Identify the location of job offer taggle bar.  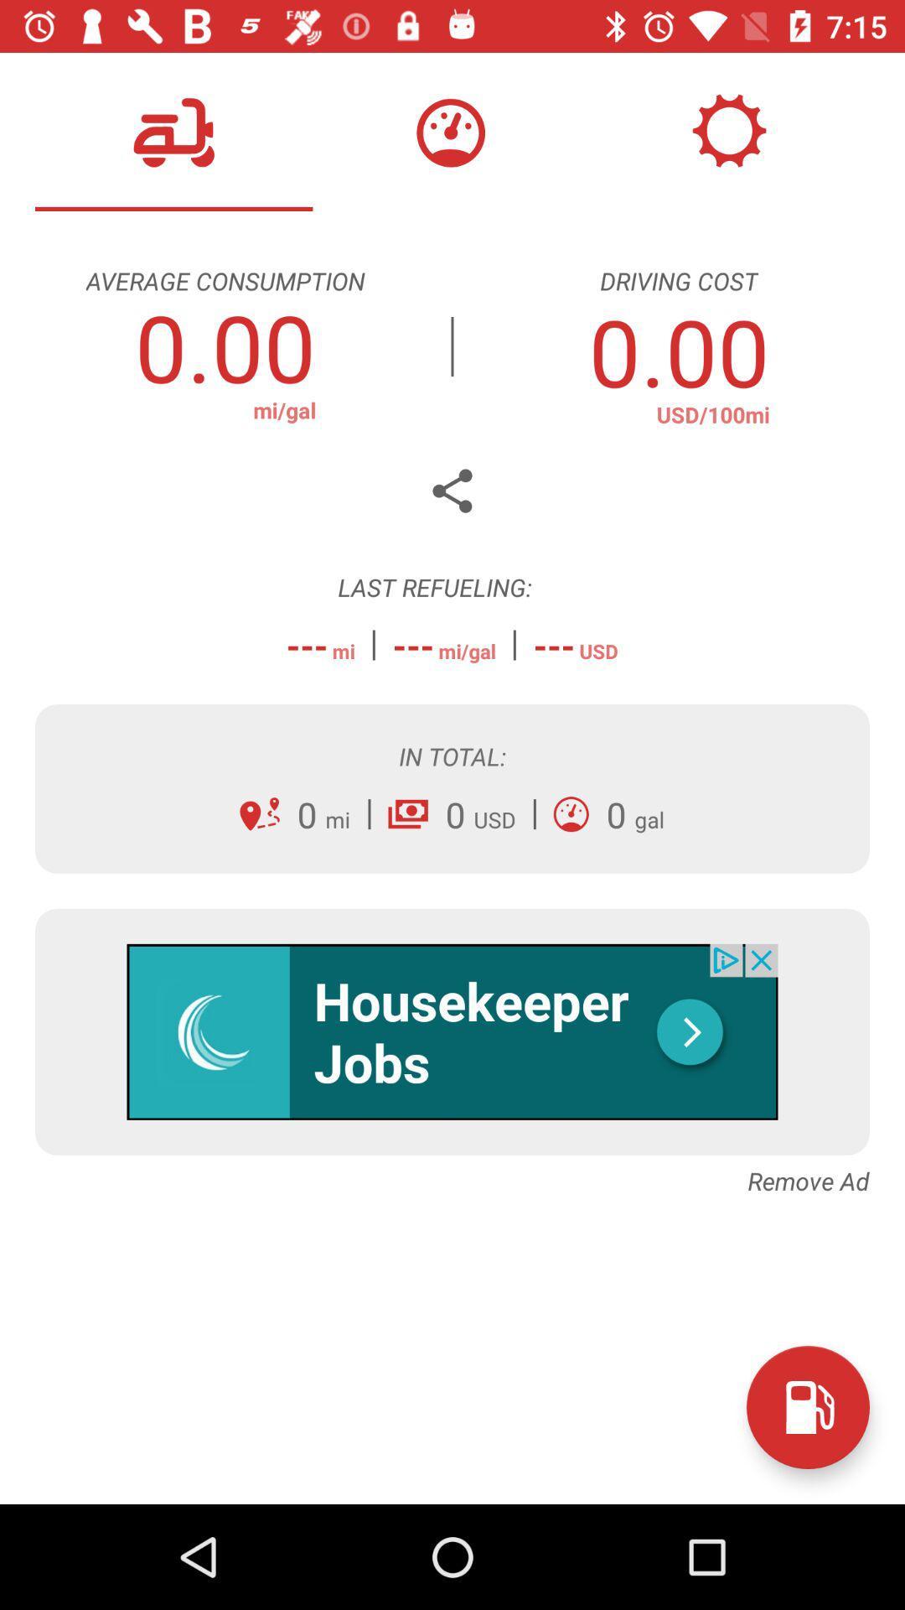
(452, 1031).